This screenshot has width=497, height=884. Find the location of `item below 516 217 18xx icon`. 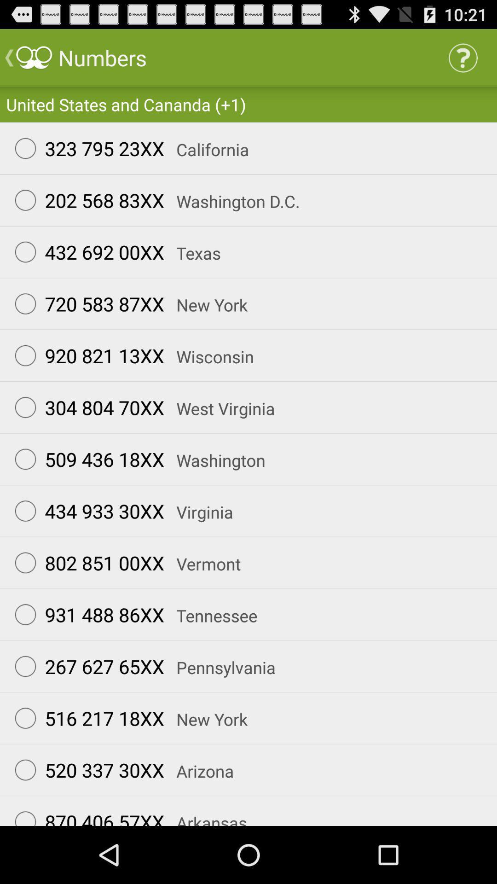

item below 516 217 18xx icon is located at coordinates (85, 770).